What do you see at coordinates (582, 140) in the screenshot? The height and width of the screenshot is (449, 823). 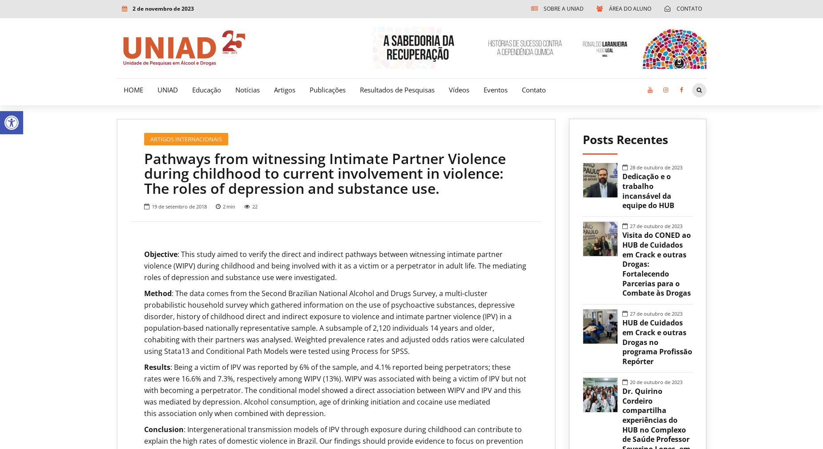 I see `'Posts Recentes'` at bounding box center [582, 140].